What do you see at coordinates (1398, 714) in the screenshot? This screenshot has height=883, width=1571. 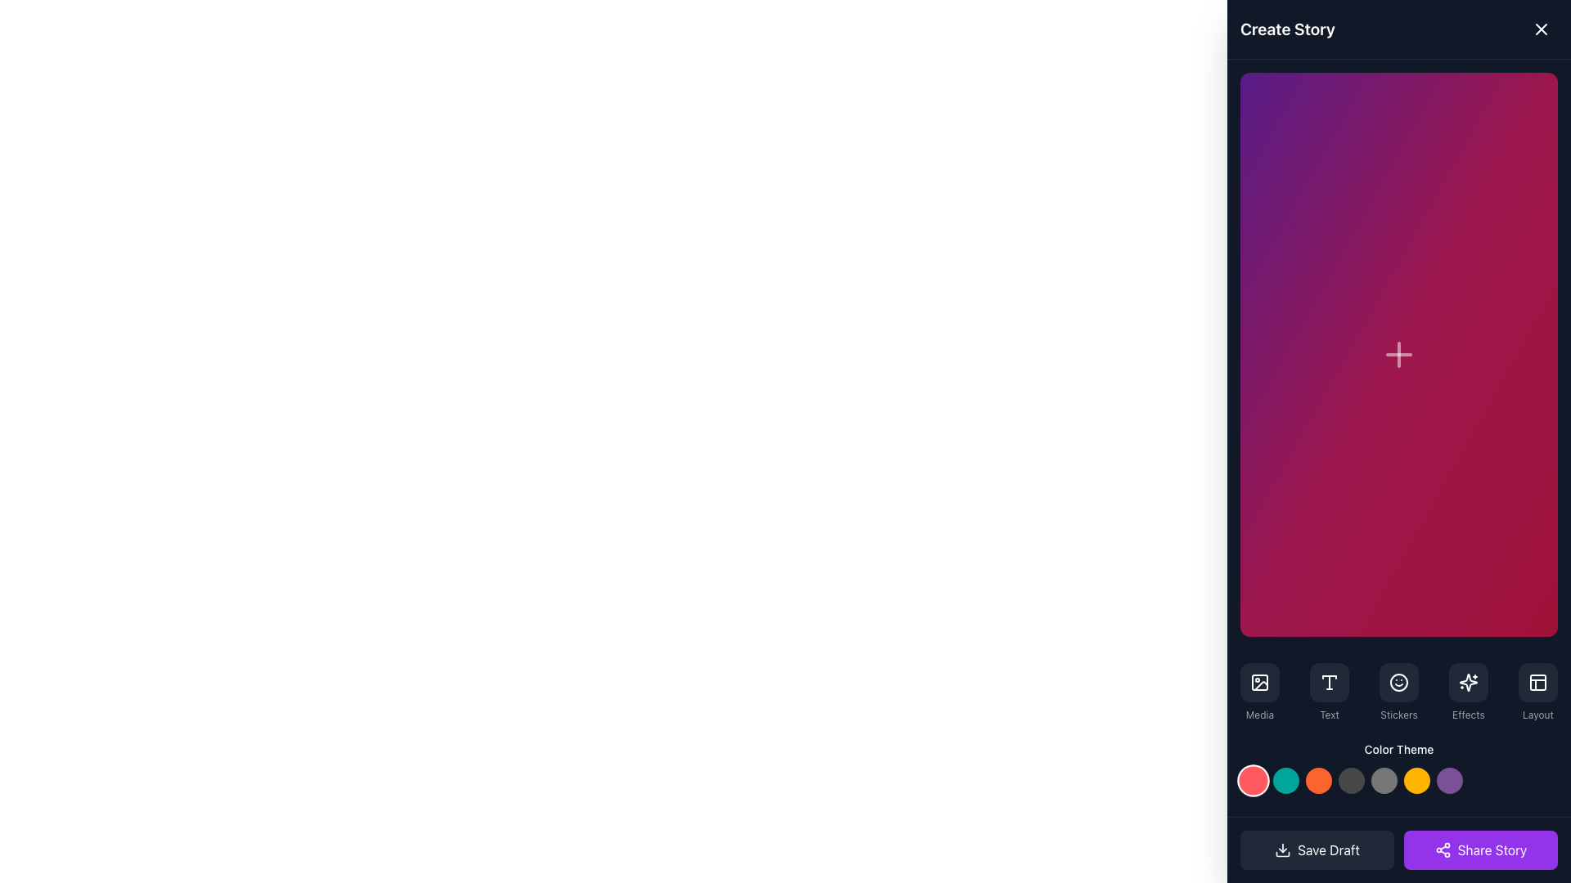 I see `the gray text label displaying 'Stickers', which is located at the bottom center of a button-like group below a smiling face icon` at bounding box center [1398, 714].